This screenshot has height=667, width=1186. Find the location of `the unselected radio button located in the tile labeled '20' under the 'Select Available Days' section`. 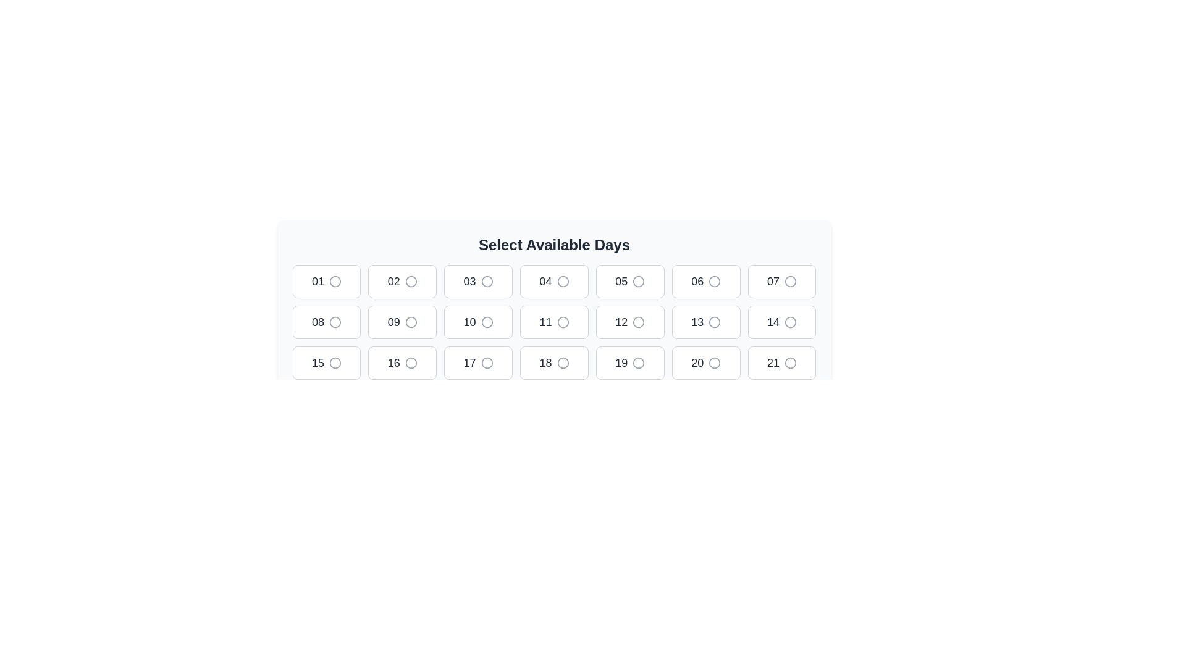

the unselected radio button located in the tile labeled '20' under the 'Select Available Days' section is located at coordinates (715, 362).